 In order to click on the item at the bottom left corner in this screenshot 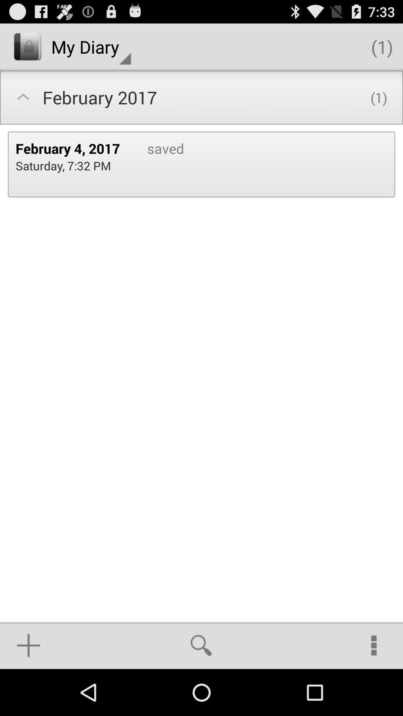, I will do `click(28, 645)`.